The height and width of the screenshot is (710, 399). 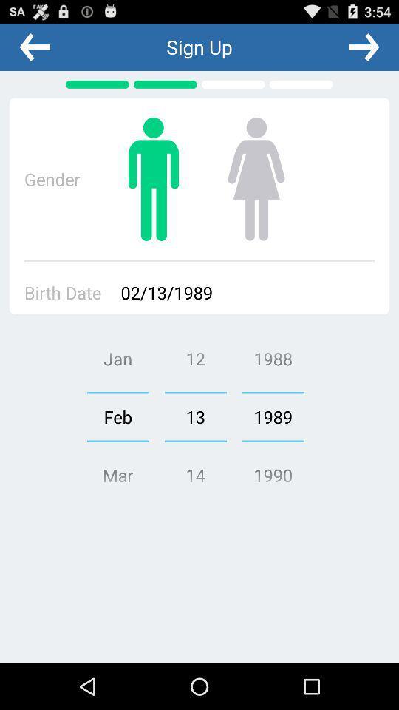 I want to click on next, so click(x=363, y=47).